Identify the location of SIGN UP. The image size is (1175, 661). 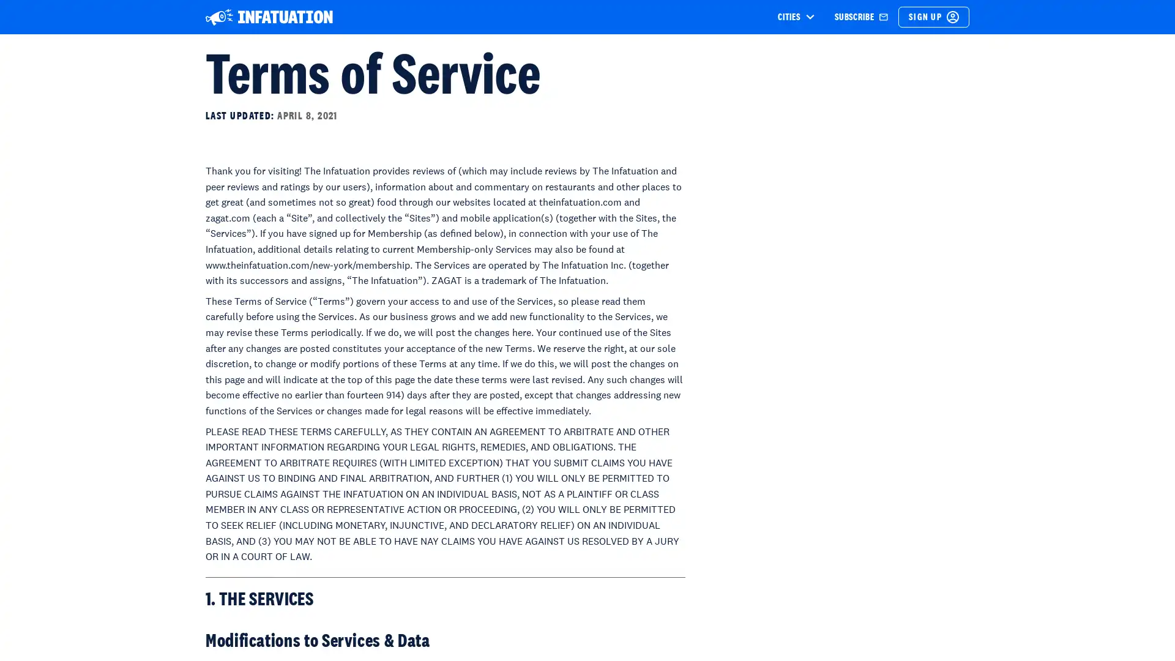
(933, 17).